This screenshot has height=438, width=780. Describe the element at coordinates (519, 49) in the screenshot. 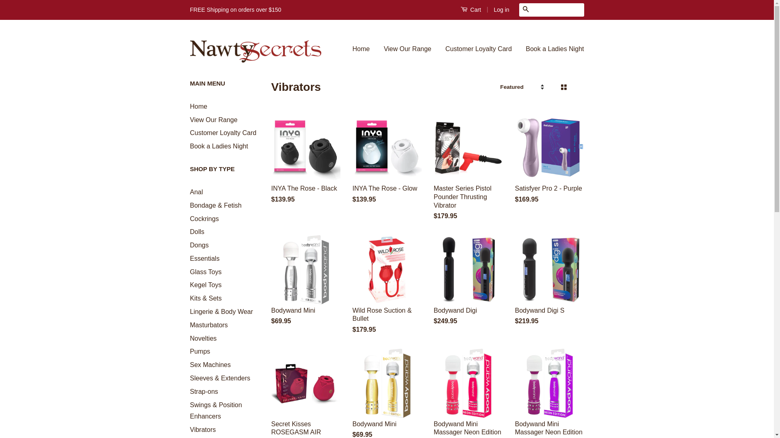

I see `'Book a Ladies Night'` at that location.